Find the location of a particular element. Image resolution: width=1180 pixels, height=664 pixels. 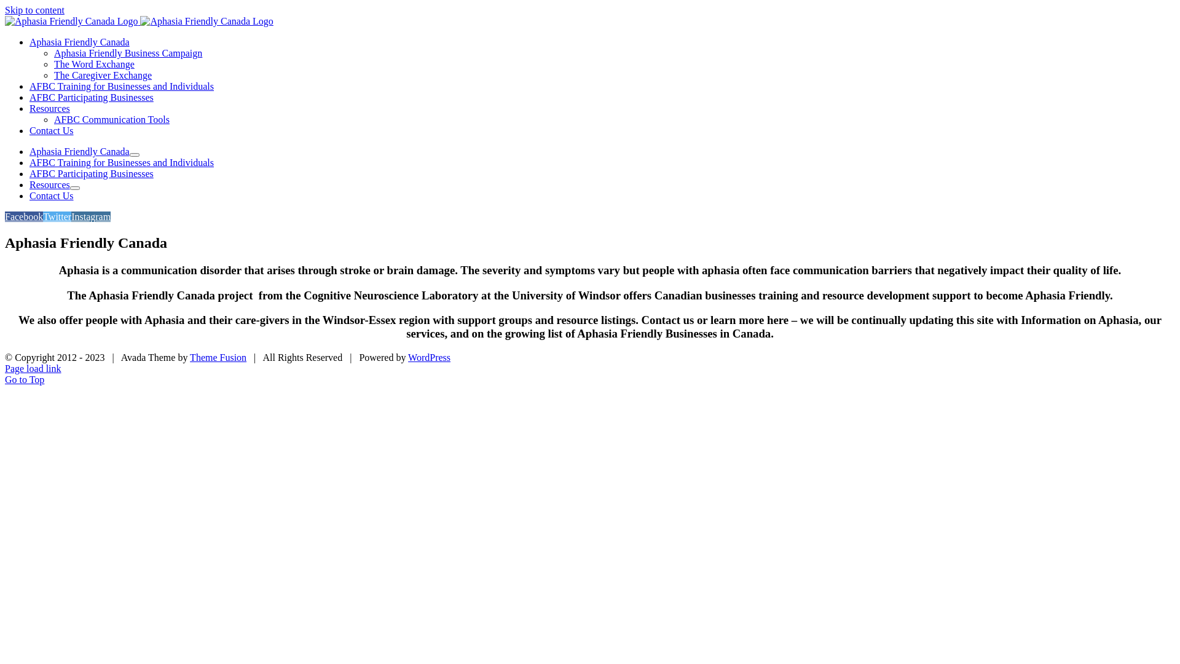

'The Word Exchange' is located at coordinates (93, 64).